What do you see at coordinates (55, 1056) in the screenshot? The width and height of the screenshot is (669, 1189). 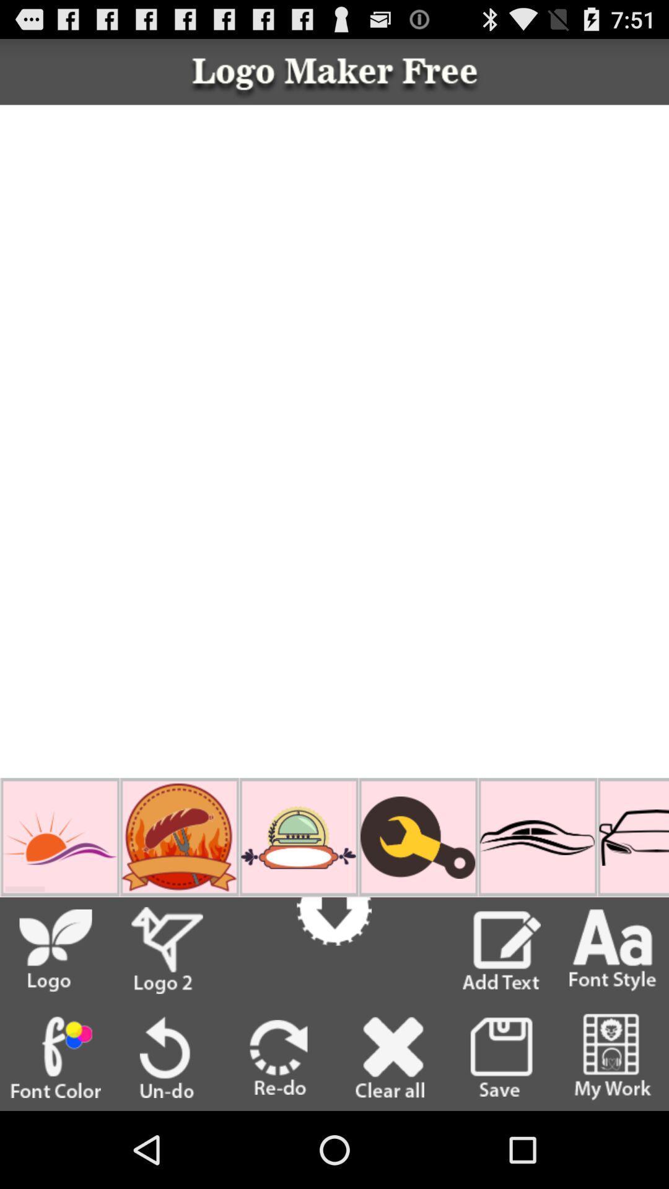 I see `font color` at bounding box center [55, 1056].